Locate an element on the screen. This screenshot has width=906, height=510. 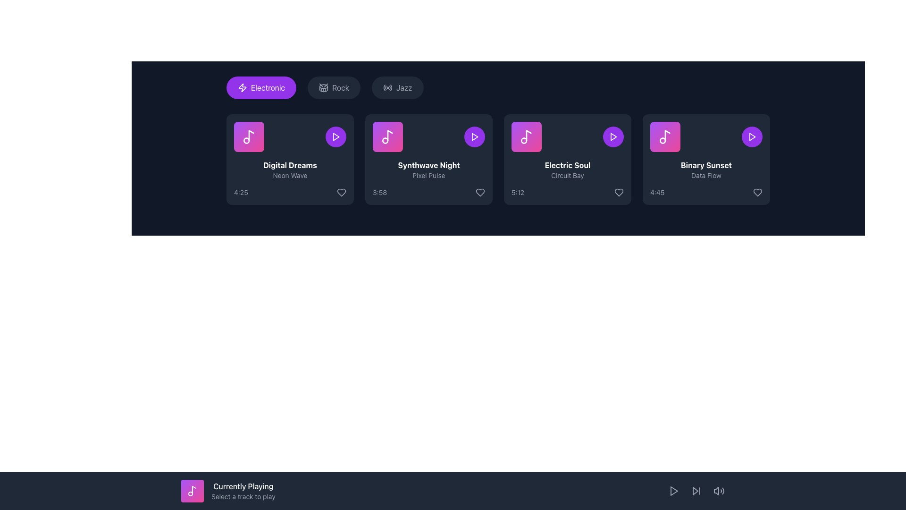
the static text label 'Digital Dreams' which is bold, white, and located on the first music card in the selection interface is located at coordinates (289, 165).